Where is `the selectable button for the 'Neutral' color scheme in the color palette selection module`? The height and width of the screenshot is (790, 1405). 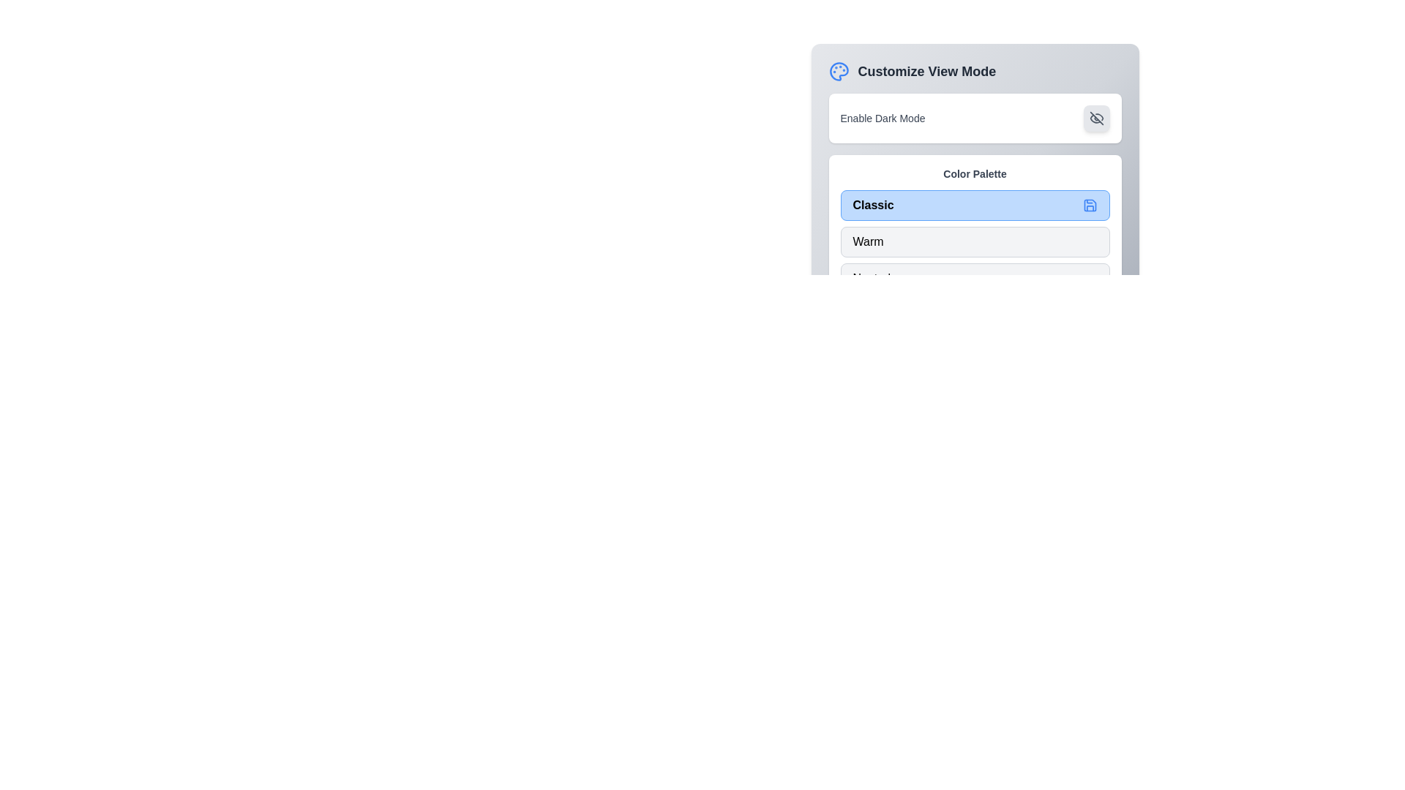
the selectable button for the 'Neutral' color scheme in the color palette selection module is located at coordinates (975, 279).